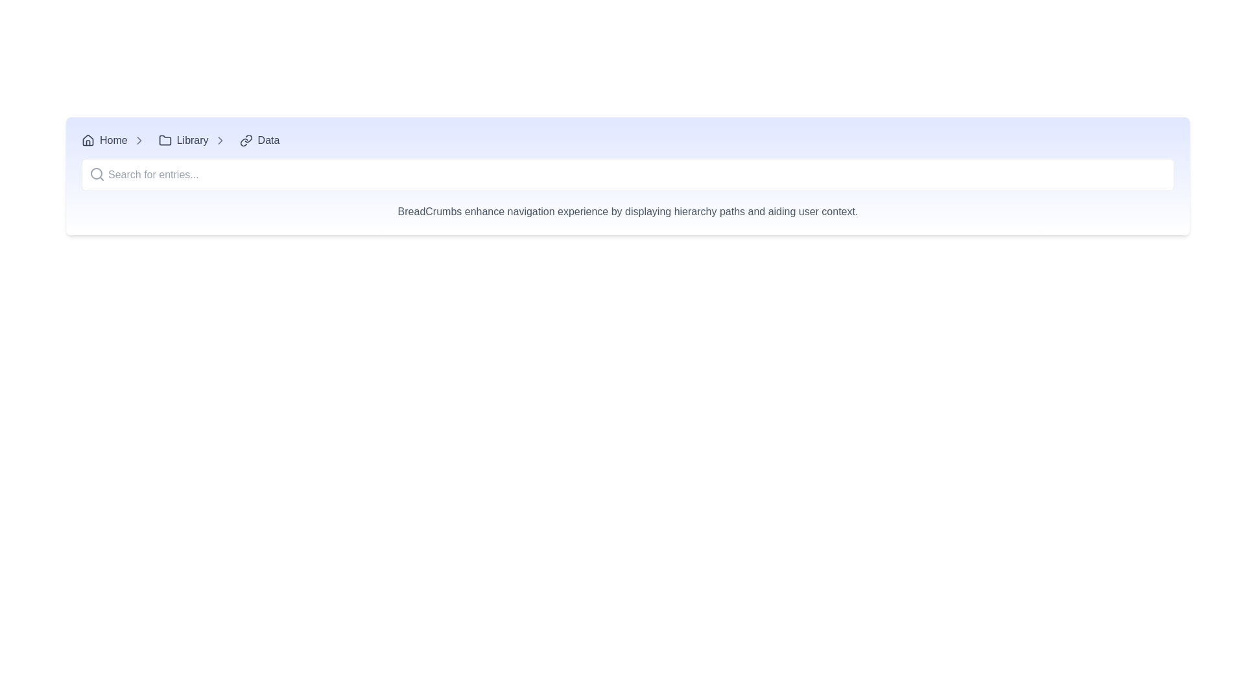  What do you see at coordinates (268, 140) in the screenshot?
I see `the fourth item in the breadcrumb navigation bar that serves as a label or hyperlink for 'Data', to possibly see a tooltip` at bounding box center [268, 140].